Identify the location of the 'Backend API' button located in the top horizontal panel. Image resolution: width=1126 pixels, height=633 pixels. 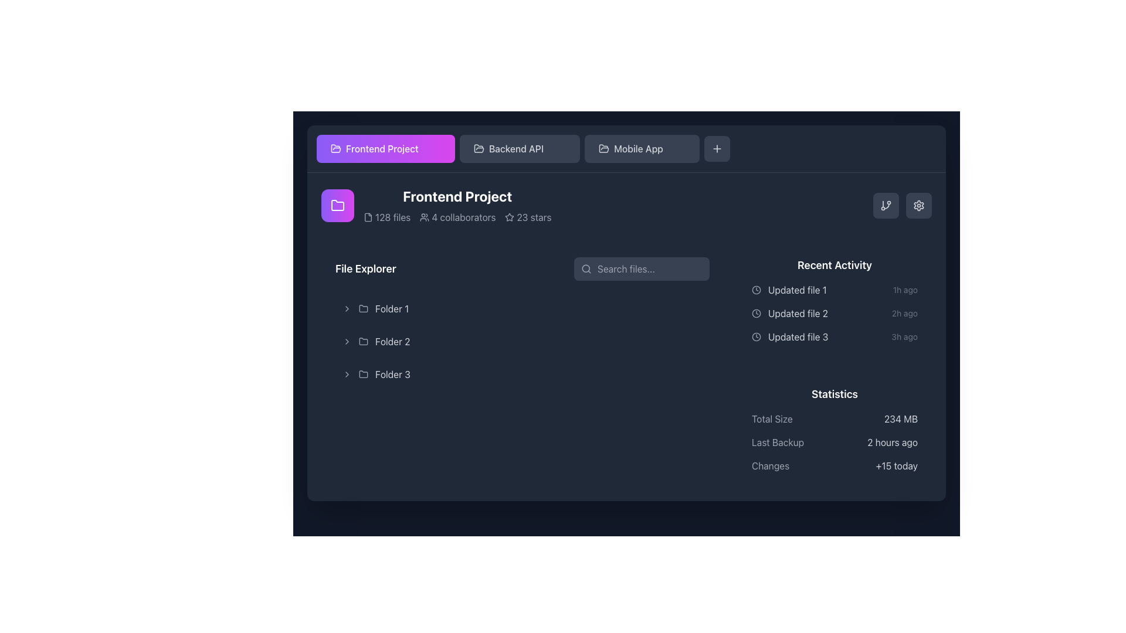
(516, 148).